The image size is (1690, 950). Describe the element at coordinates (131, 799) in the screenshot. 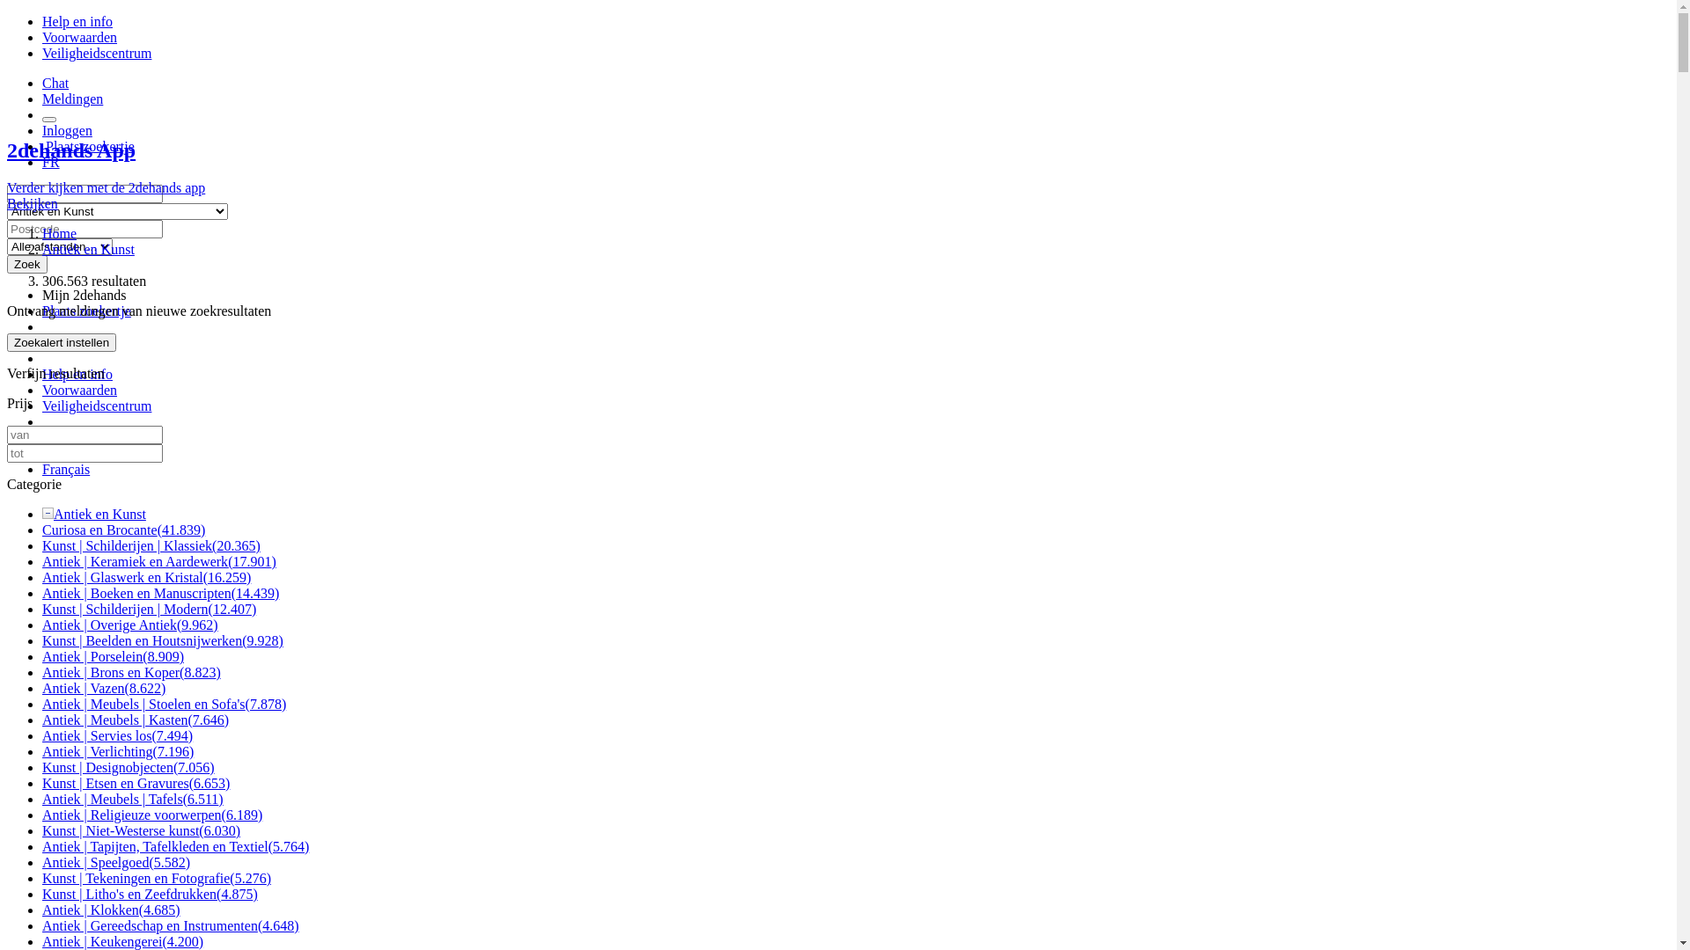

I see `'Antiek | Meubels | Tafels(6.511)'` at that location.